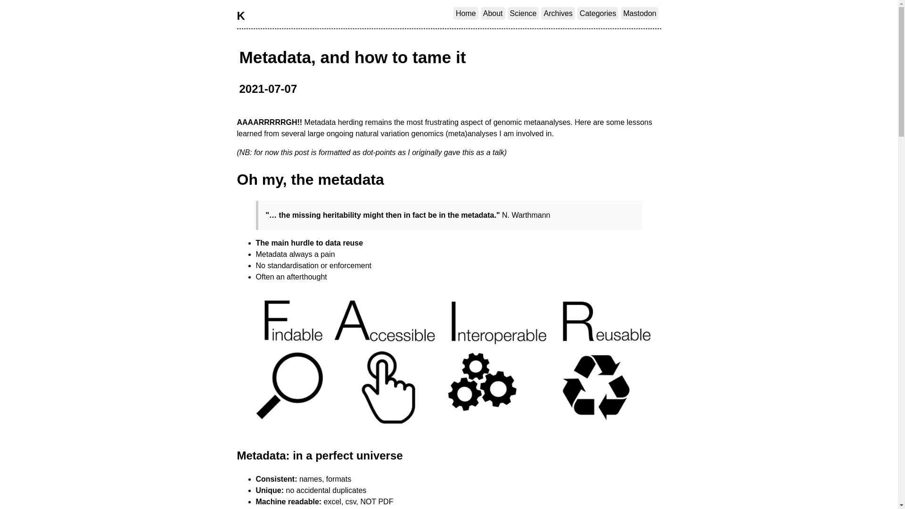  Describe the element at coordinates (640, 13) in the screenshot. I see `'Mastodon'` at that location.